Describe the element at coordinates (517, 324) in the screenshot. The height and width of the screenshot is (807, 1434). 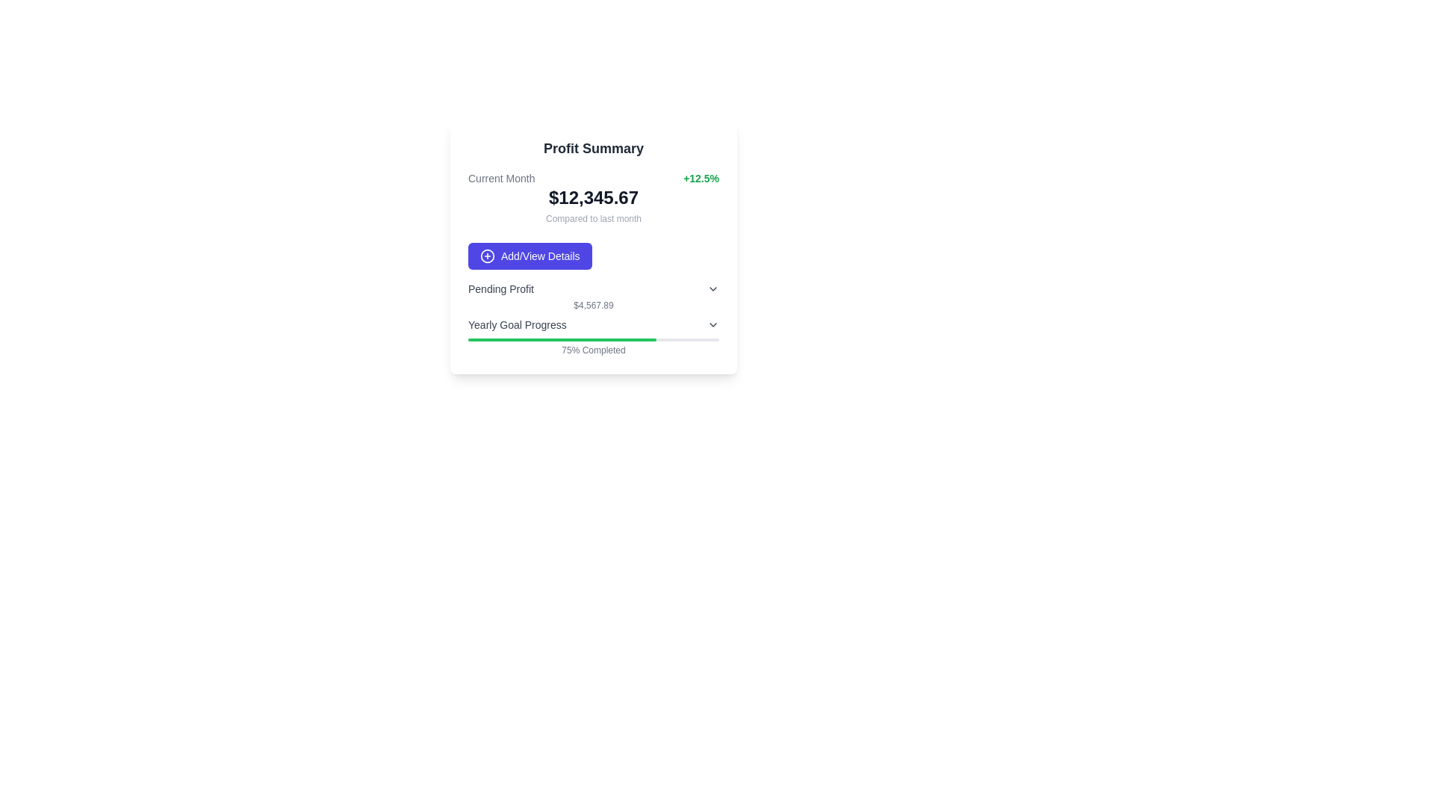
I see `the static text label that describes the user's yearly goal achievement, located in the 'Profit Summary' panel under 'Pending Profit', just above the progress bar` at that location.